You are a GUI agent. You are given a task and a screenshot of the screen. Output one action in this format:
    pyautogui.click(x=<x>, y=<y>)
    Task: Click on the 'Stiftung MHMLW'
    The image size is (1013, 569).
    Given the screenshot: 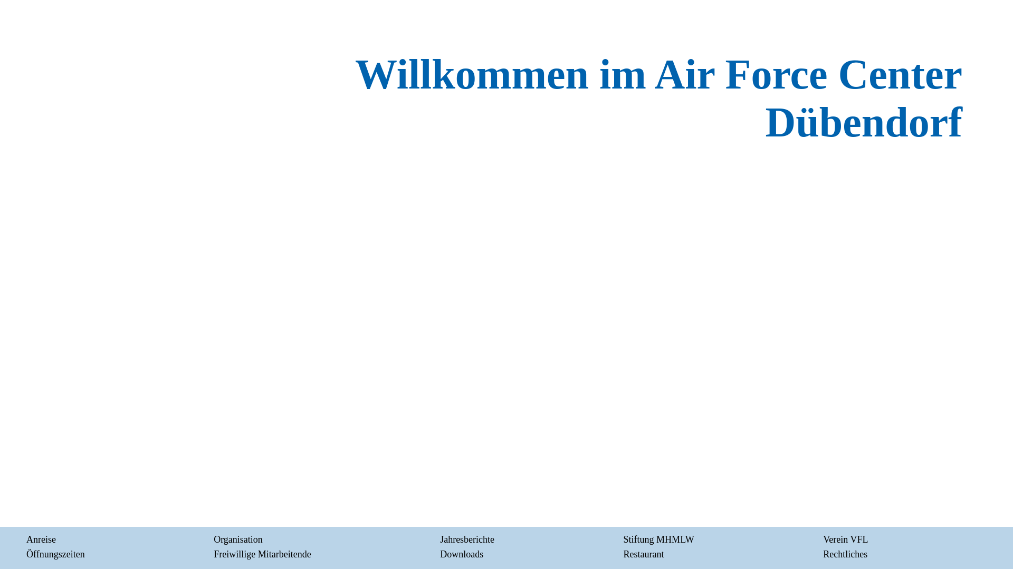 What is the action you would take?
    pyautogui.click(x=658, y=539)
    